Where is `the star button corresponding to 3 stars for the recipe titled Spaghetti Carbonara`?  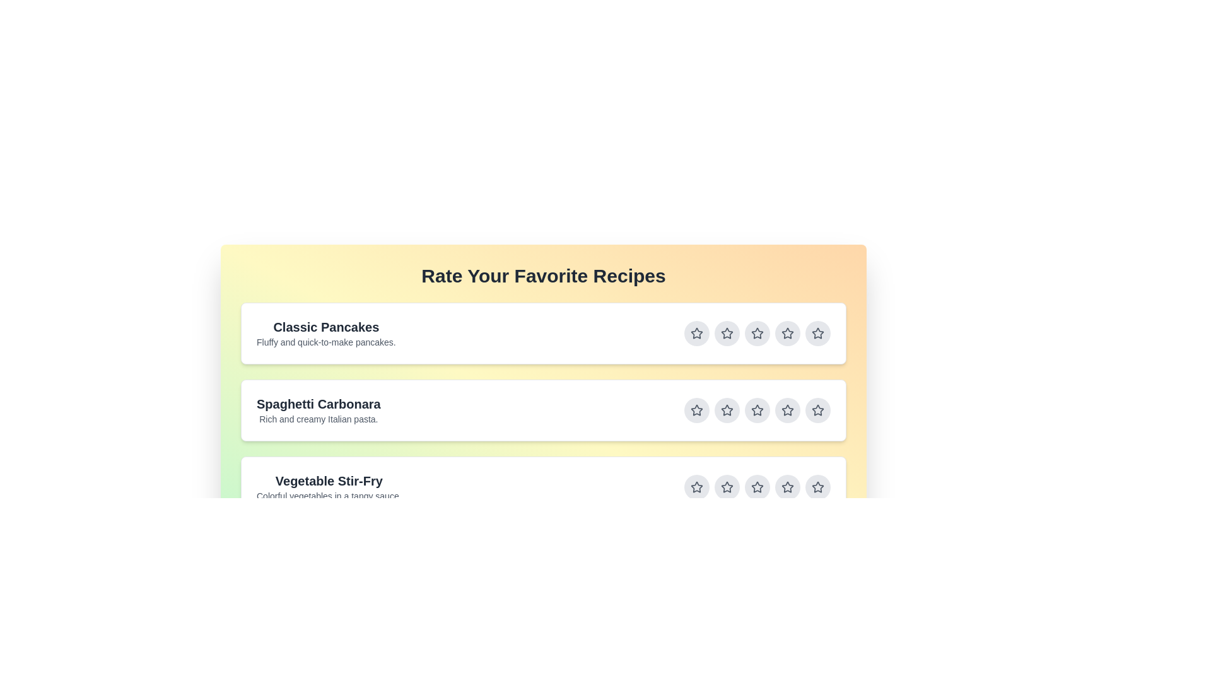
the star button corresponding to 3 stars for the recipe titled Spaghetti Carbonara is located at coordinates (757, 410).